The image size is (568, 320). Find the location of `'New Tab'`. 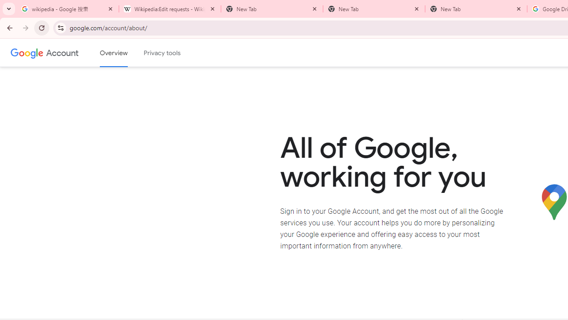

'New Tab' is located at coordinates (475, 9).